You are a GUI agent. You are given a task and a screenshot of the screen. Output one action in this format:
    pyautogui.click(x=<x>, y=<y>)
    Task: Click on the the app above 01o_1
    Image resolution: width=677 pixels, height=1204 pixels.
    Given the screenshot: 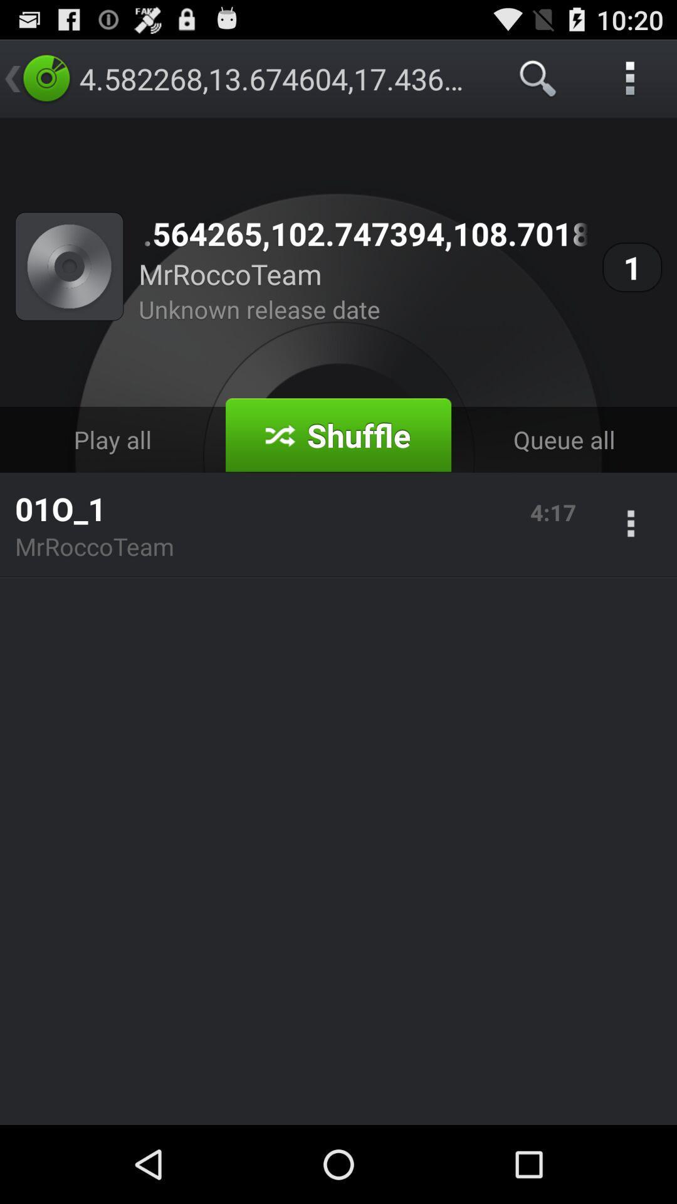 What is the action you would take?
    pyautogui.click(x=113, y=440)
    